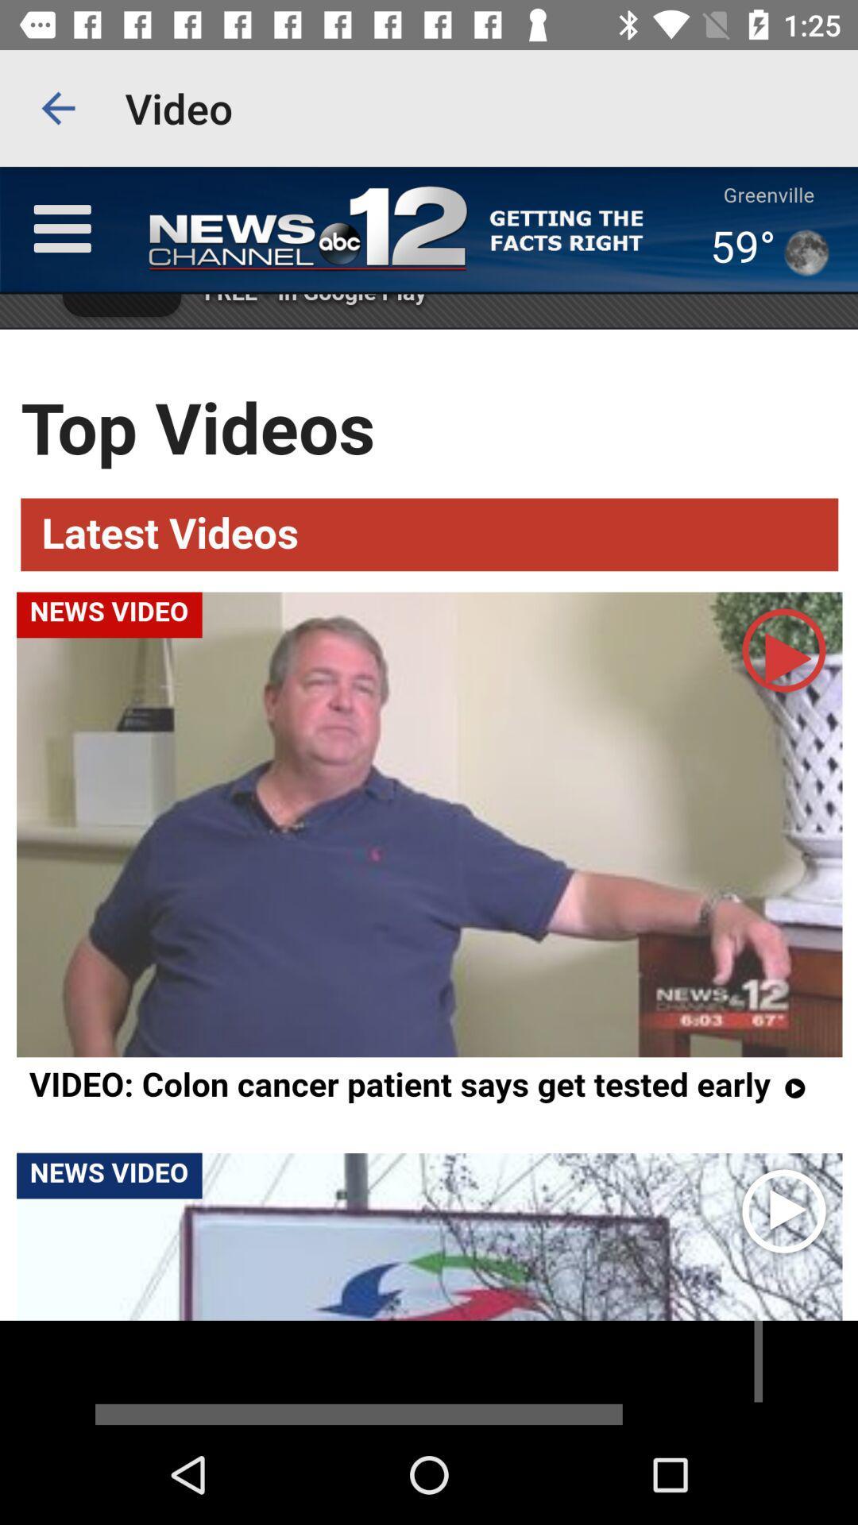 This screenshot has height=1525, width=858. What do you see at coordinates (429, 1372) in the screenshot?
I see `the video is end` at bounding box center [429, 1372].